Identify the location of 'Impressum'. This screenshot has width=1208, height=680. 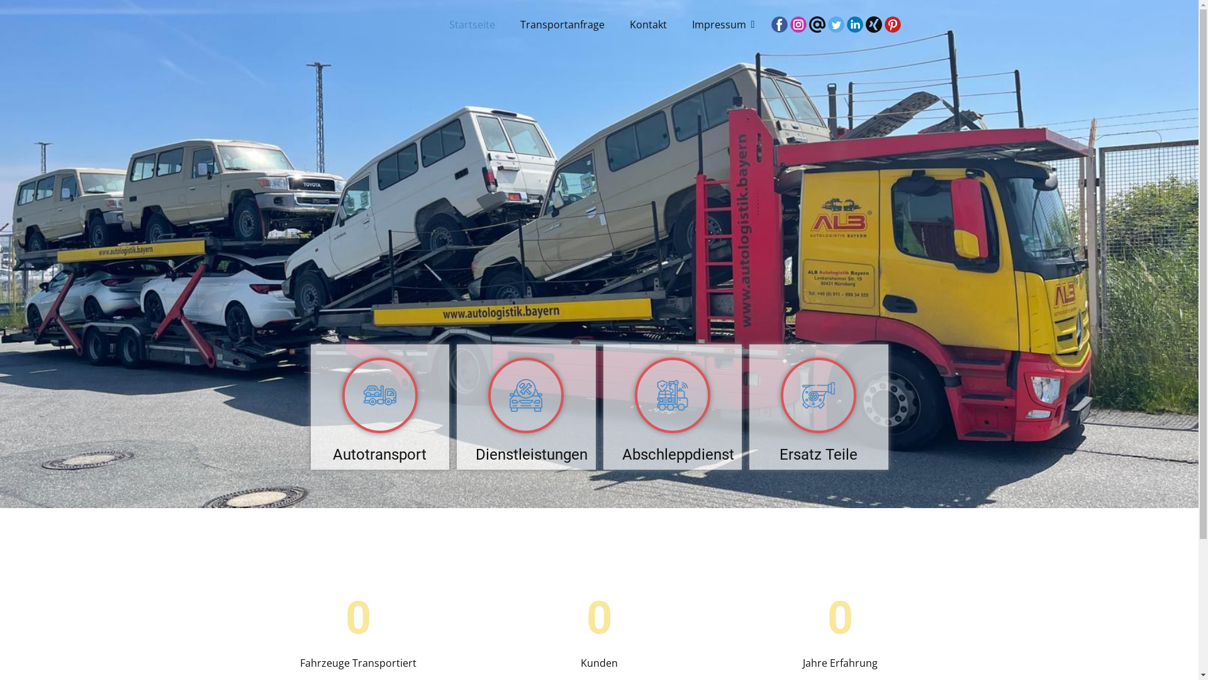
(721, 24).